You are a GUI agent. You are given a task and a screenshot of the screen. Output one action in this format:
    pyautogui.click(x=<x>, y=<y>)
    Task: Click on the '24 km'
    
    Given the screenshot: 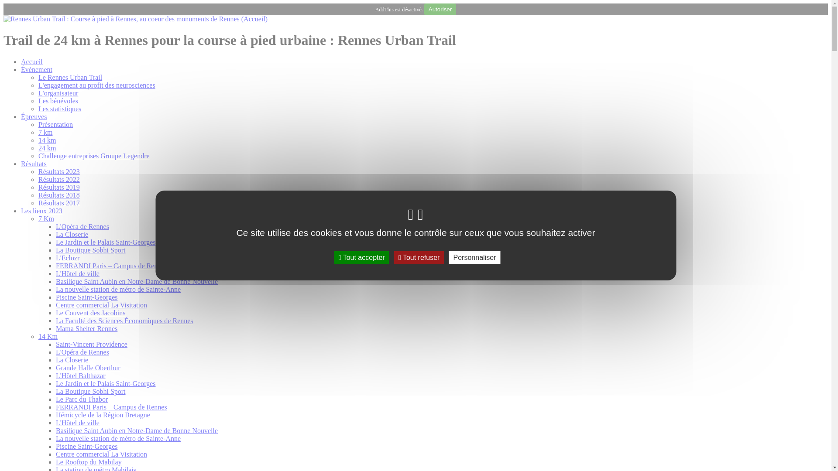 What is the action you would take?
    pyautogui.click(x=38, y=147)
    